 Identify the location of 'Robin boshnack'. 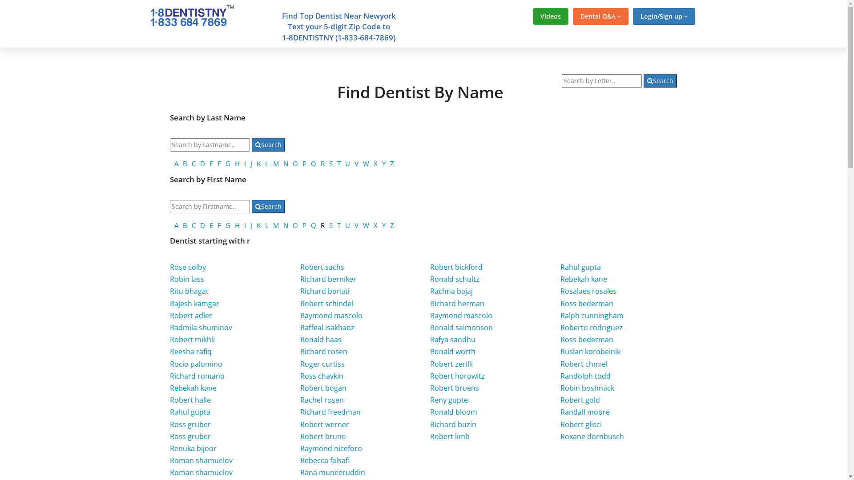
(587, 387).